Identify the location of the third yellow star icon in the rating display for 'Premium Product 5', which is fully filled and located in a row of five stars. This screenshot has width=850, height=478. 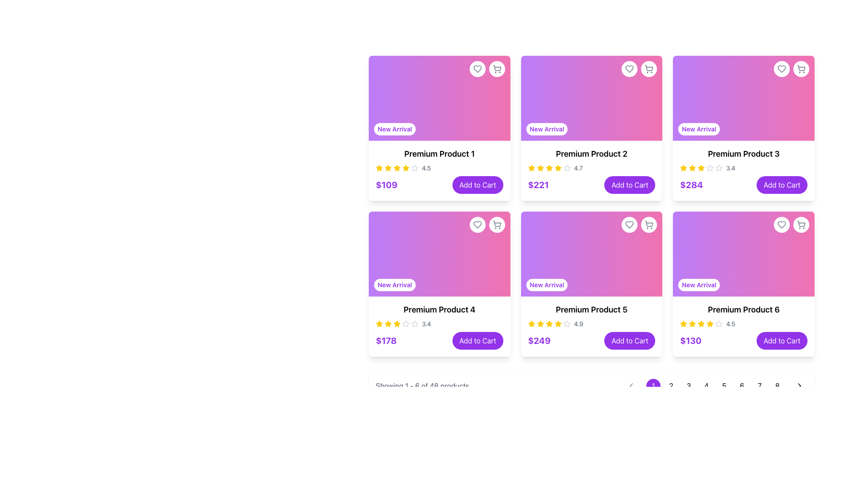
(540, 324).